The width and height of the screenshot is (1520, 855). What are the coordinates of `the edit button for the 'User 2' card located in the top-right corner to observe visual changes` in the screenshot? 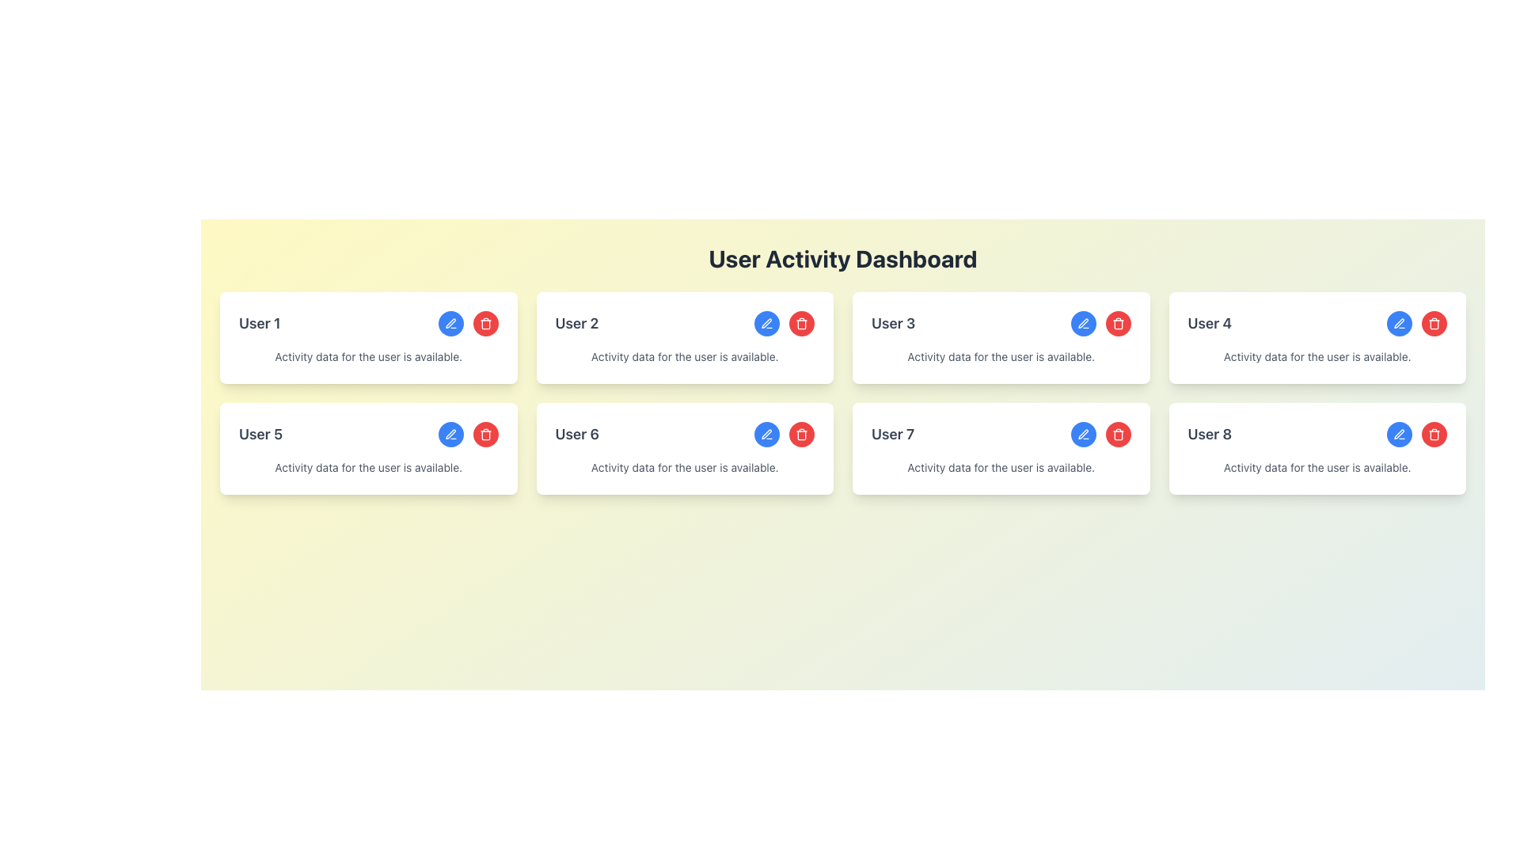 It's located at (767, 322).